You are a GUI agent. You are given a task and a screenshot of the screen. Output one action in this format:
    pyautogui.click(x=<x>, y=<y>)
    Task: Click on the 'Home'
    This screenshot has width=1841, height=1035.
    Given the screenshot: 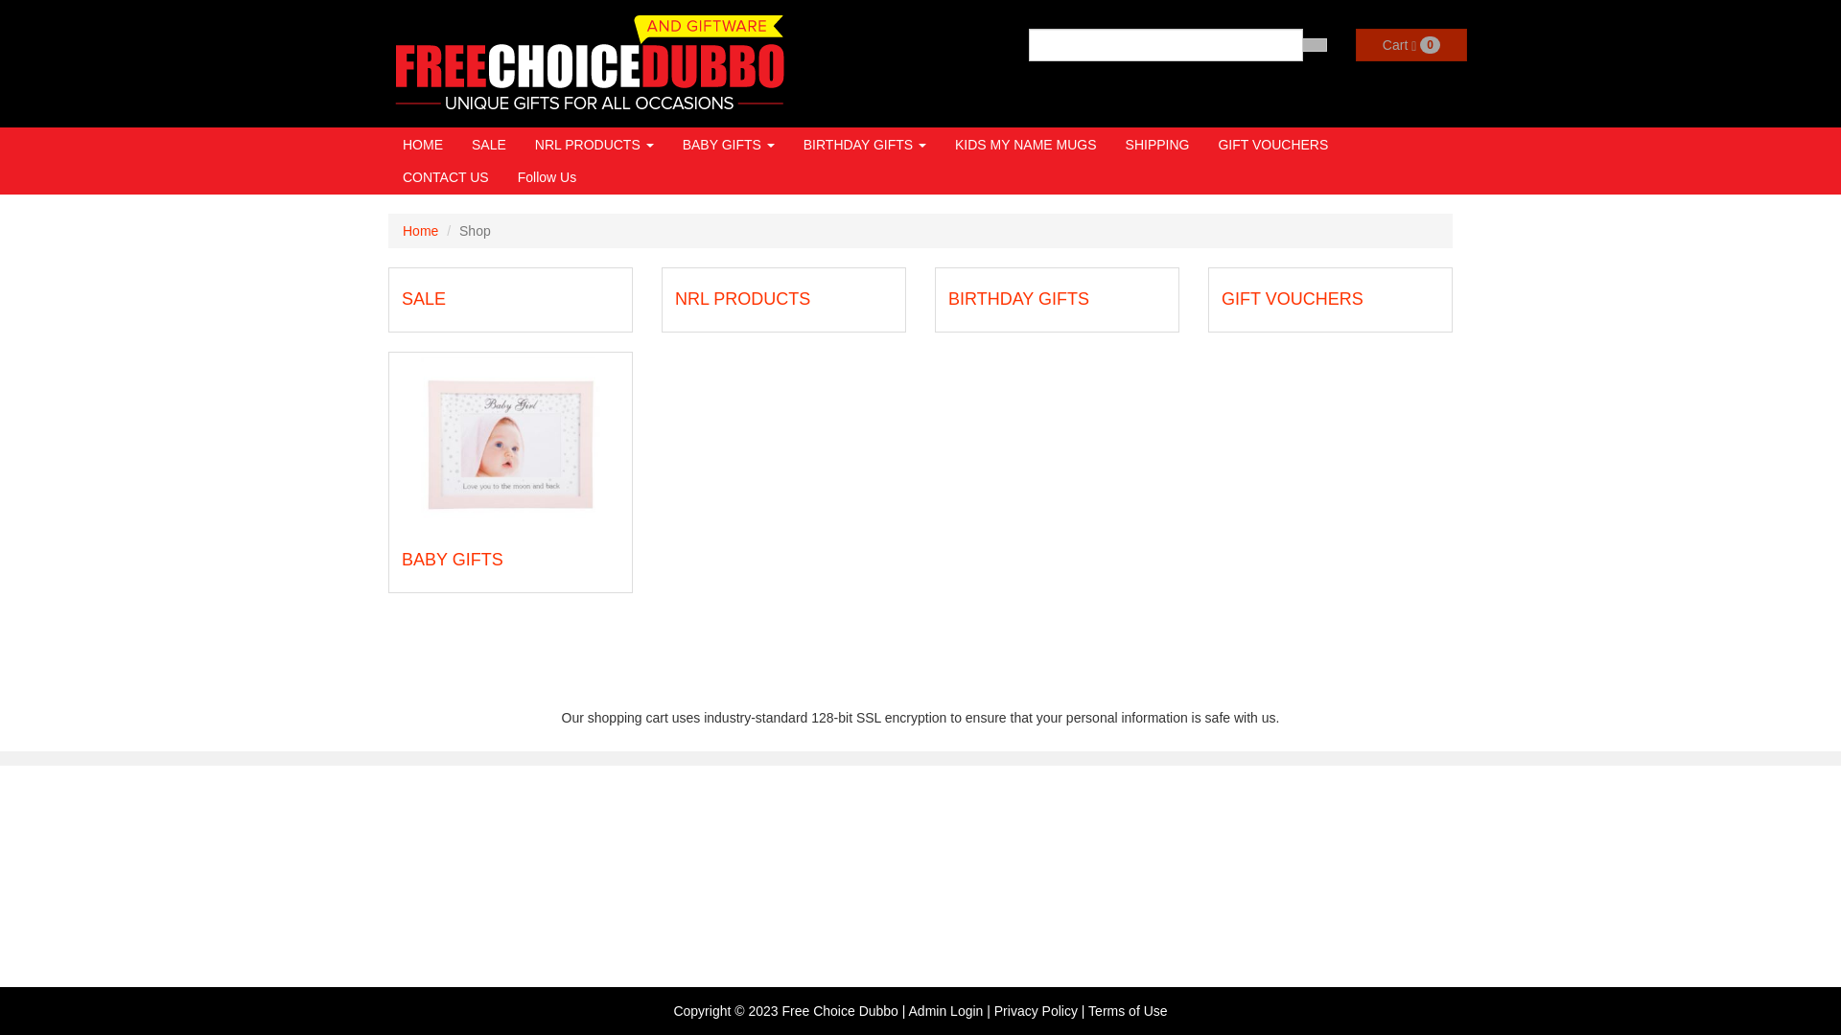 What is the action you would take?
    pyautogui.click(x=419, y=229)
    